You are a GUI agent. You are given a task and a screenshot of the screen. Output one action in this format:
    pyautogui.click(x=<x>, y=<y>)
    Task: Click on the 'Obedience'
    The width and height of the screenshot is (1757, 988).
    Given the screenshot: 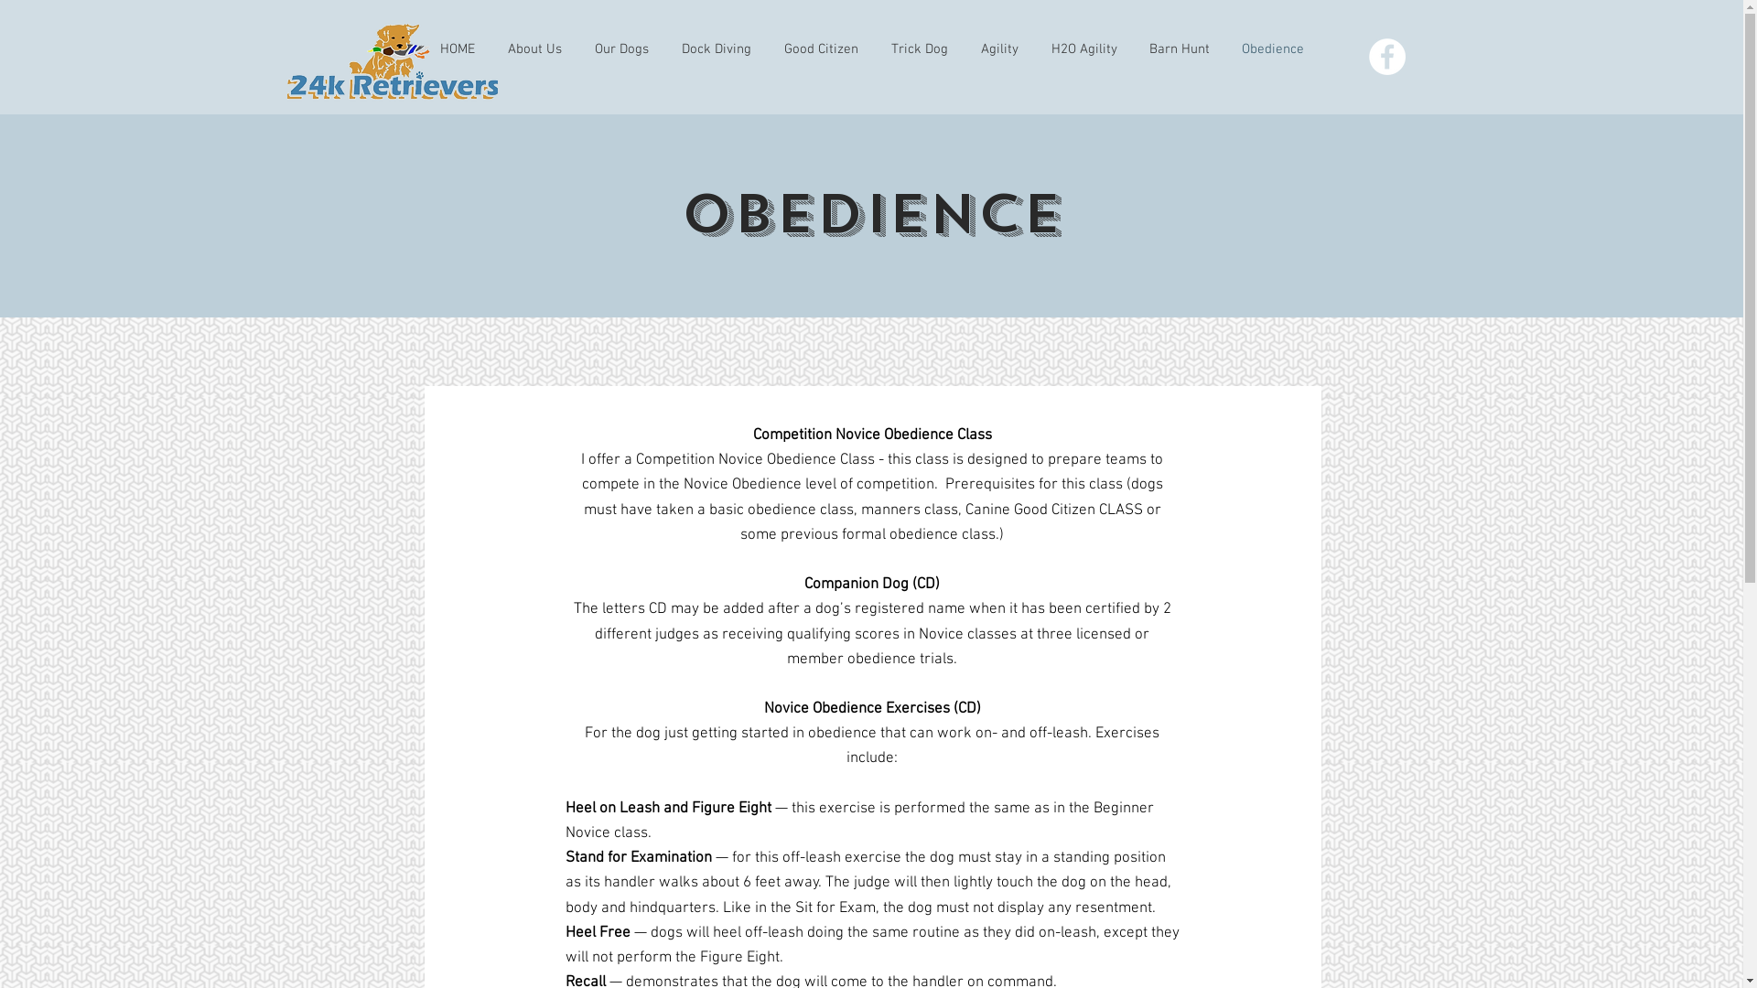 What is the action you would take?
    pyautogui.click(x=1272, y=48)
    